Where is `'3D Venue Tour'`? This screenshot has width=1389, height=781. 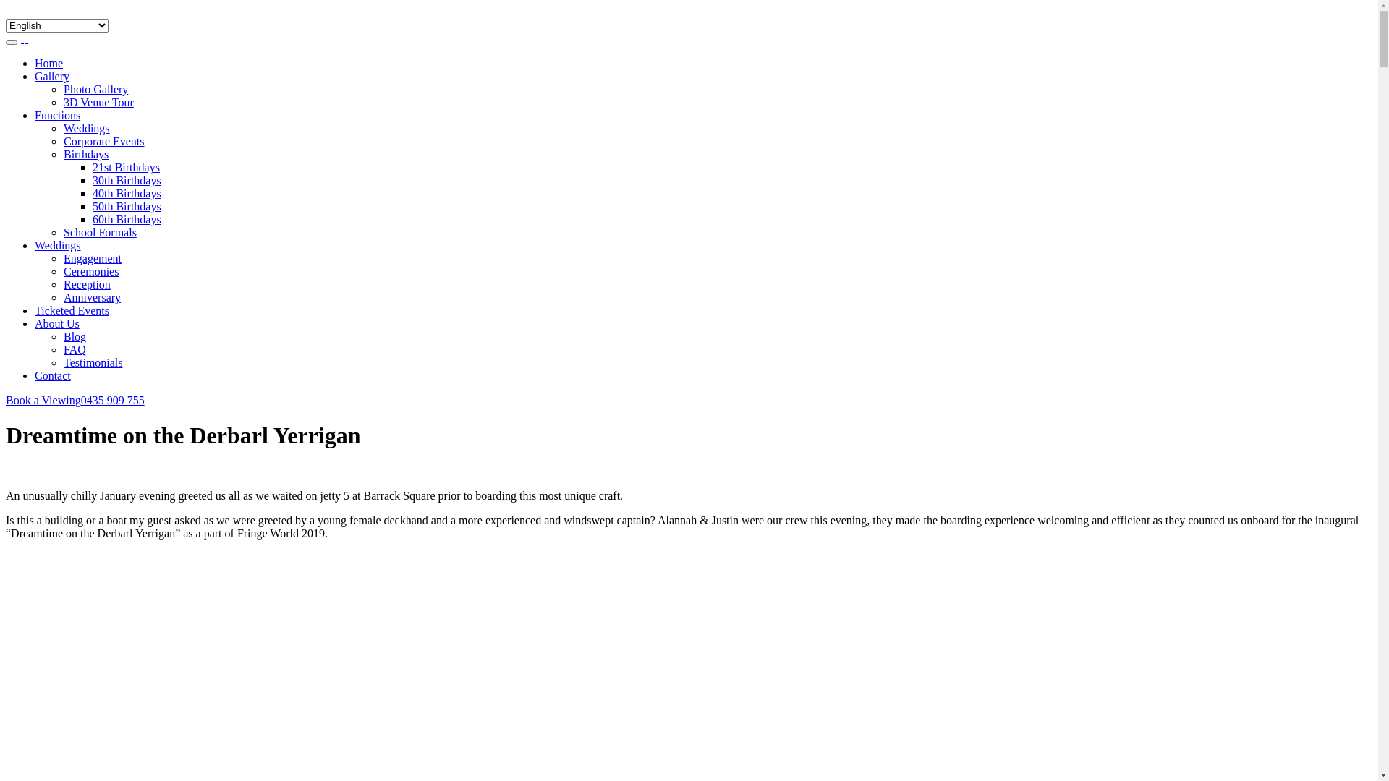
'3D Venue Tour' is located at coordinates (98, 101).